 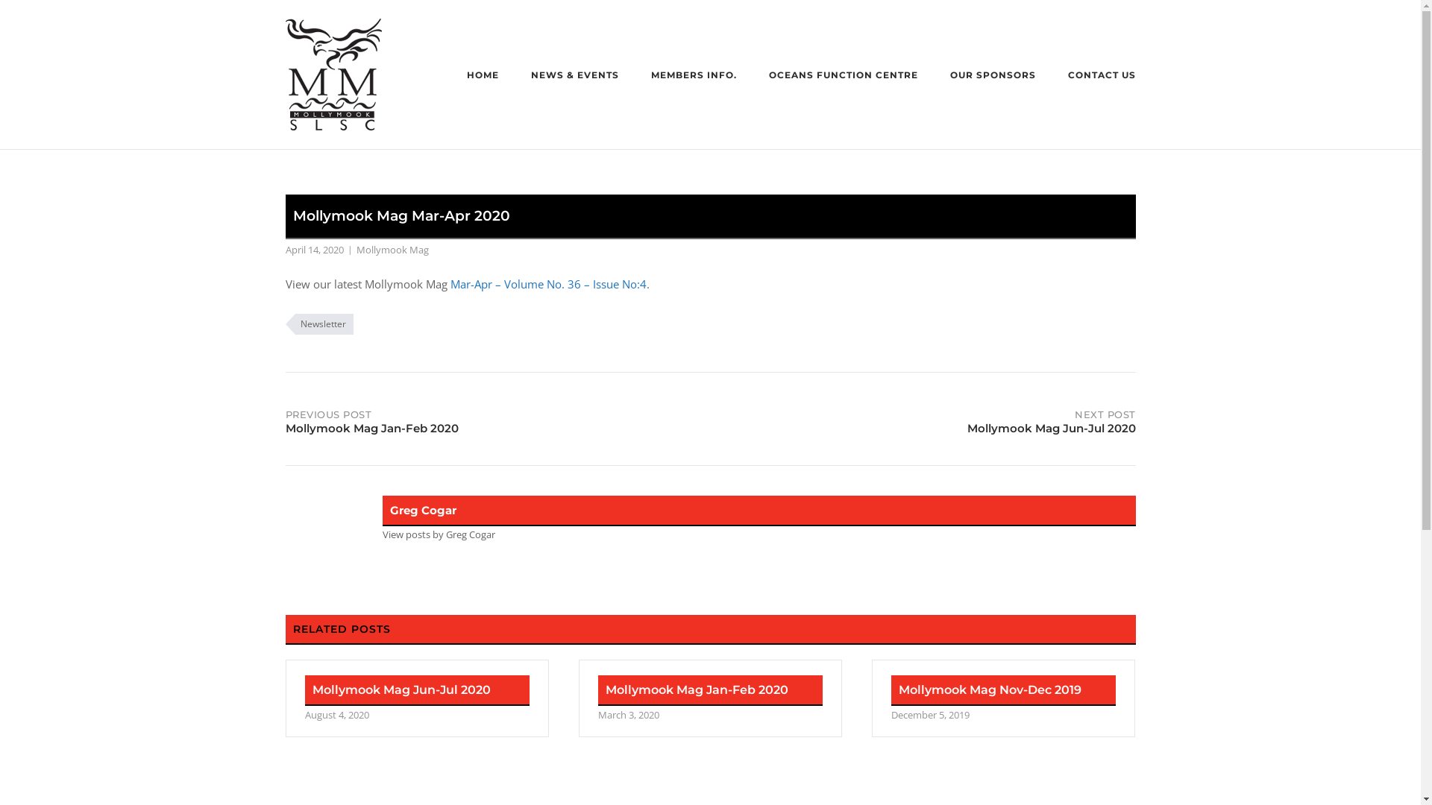 I want to click on 'CONTACT US', so click(x=1067, y=77).